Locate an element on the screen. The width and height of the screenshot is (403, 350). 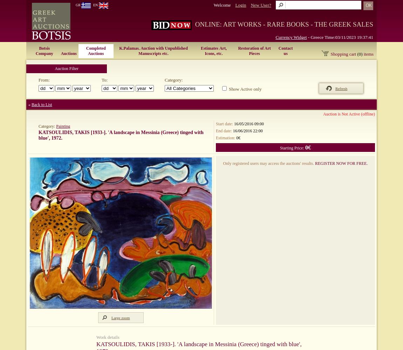
'items' is located at coordinates (368, 54).